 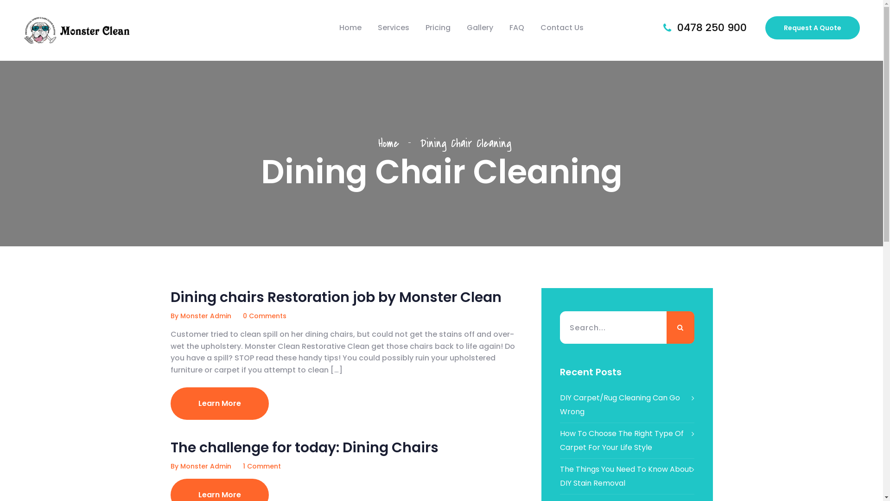 What do you see at coordinates (264, 315) in the screenshot?
I see `'0 Comments'` at bounding box center [264, 315].